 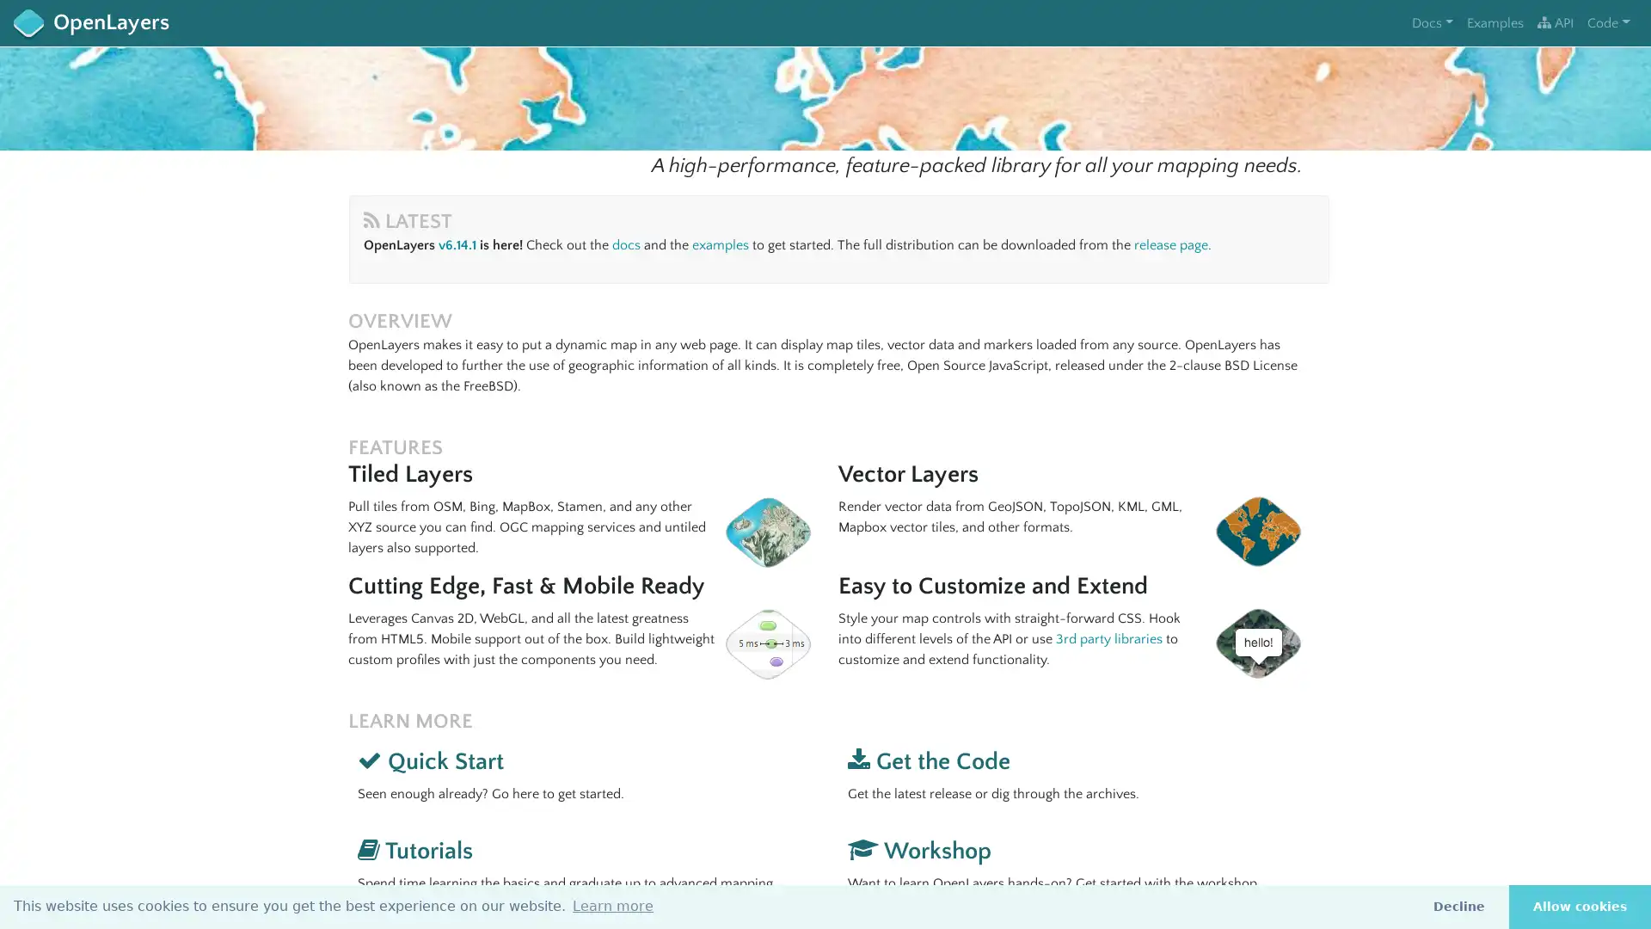 What do you see at coordinates (1630, 131) in the screenshot?
I see `i` at bounding box center [1630, 131].